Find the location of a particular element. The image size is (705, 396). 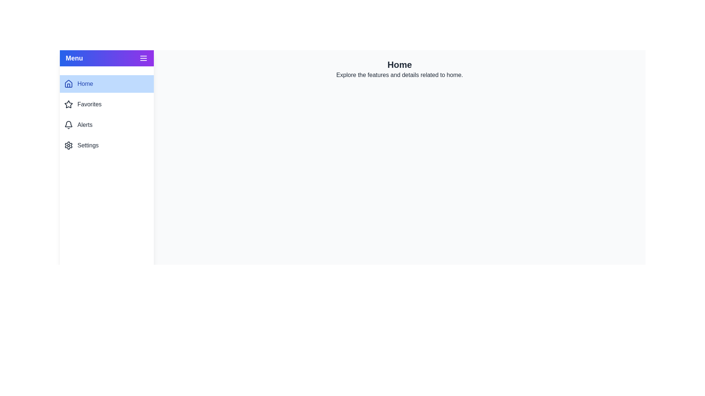

the 'Home' icon by selecting the corresponding list item labeled 'Home', which is visually indicated by the blue highlighted block on the sidebar menu is located at coordinates (69, 83).